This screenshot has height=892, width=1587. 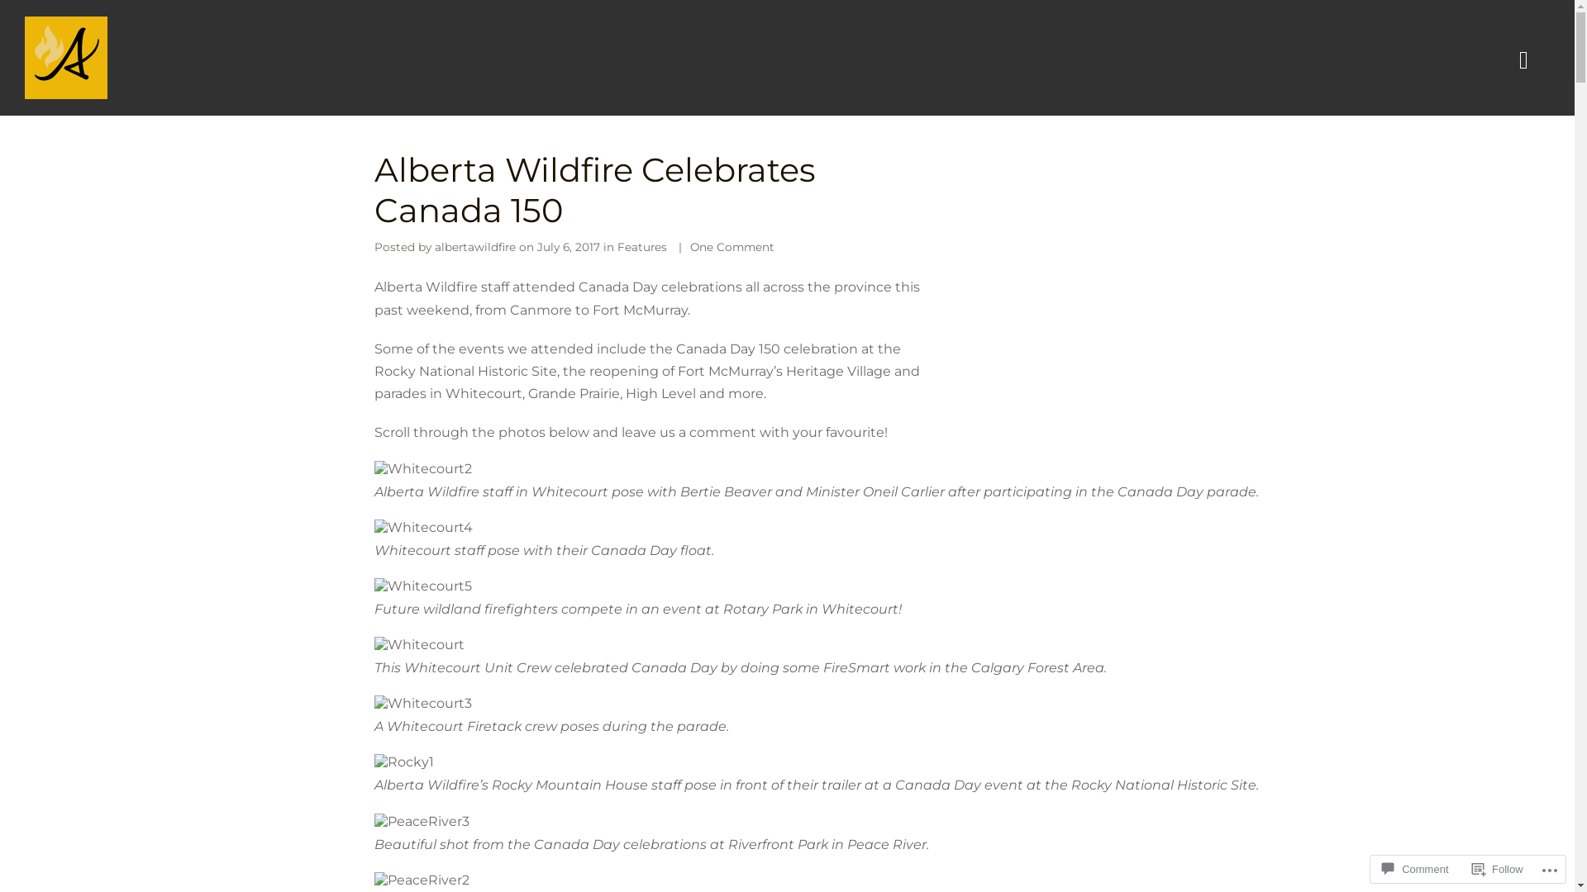 I want to click on 'Features', so click(x=641, y=247).